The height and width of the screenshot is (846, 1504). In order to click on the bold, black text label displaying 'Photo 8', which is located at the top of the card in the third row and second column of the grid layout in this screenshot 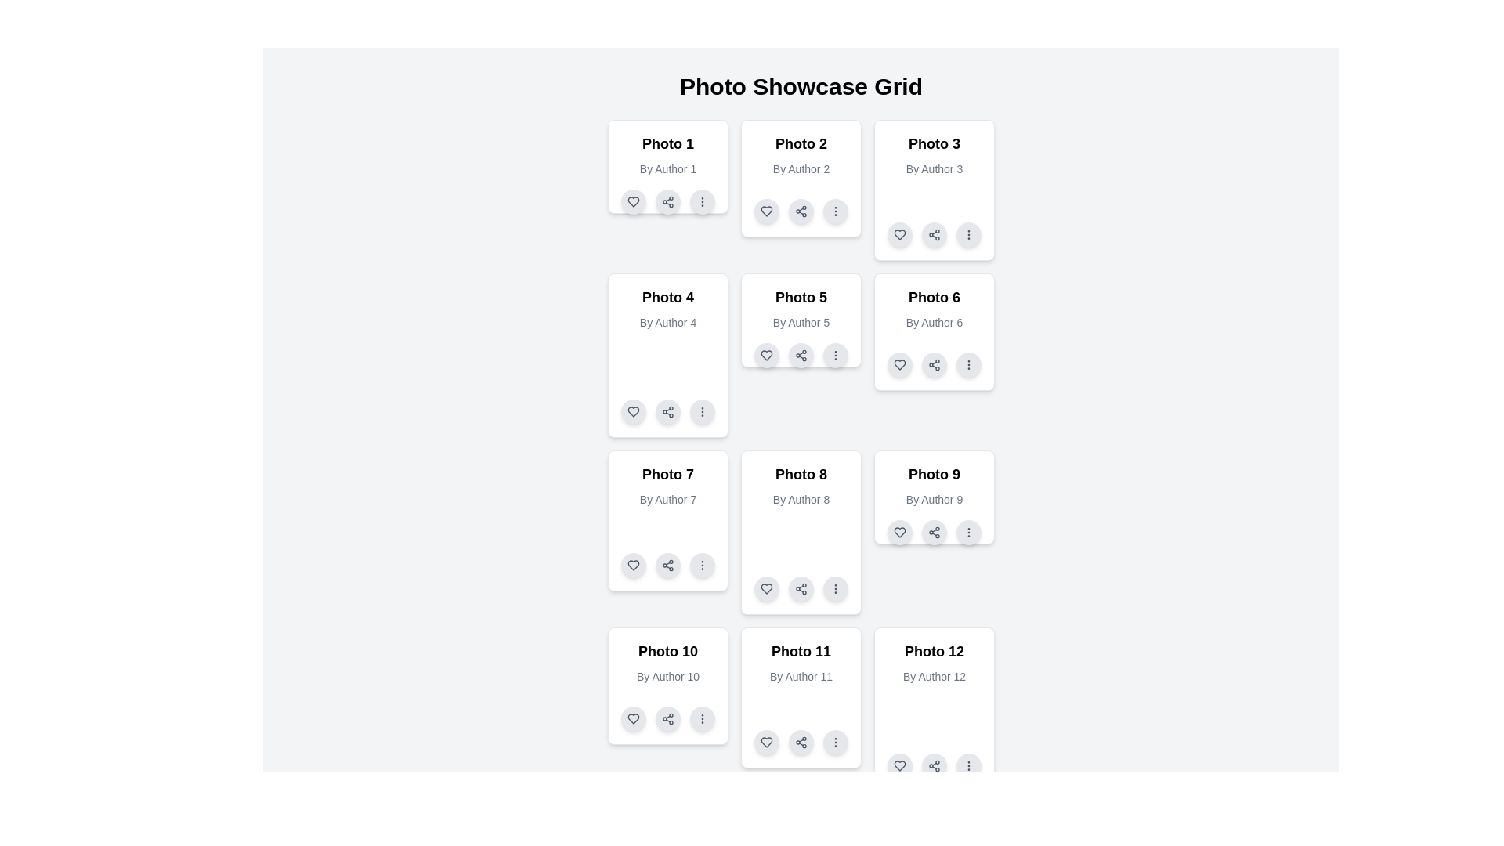, I will do `click(801, 473)`.